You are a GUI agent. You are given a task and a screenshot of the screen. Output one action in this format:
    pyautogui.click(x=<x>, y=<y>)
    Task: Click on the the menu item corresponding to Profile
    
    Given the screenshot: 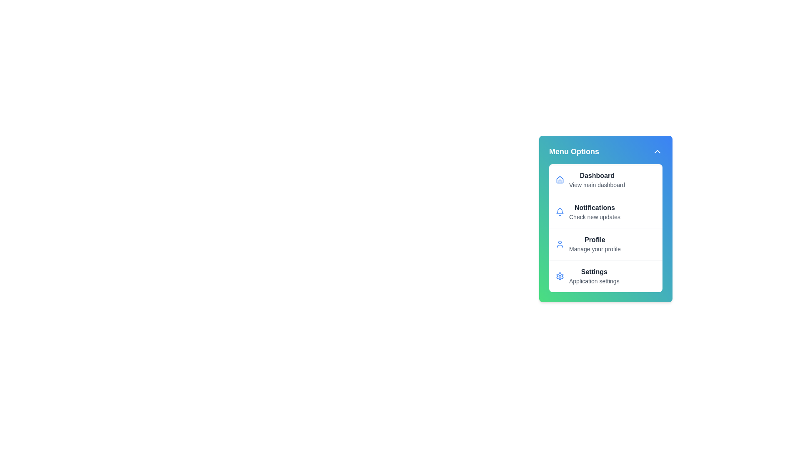 What is the action you would take?
    pyautogui.click(x=606, y=244)
    